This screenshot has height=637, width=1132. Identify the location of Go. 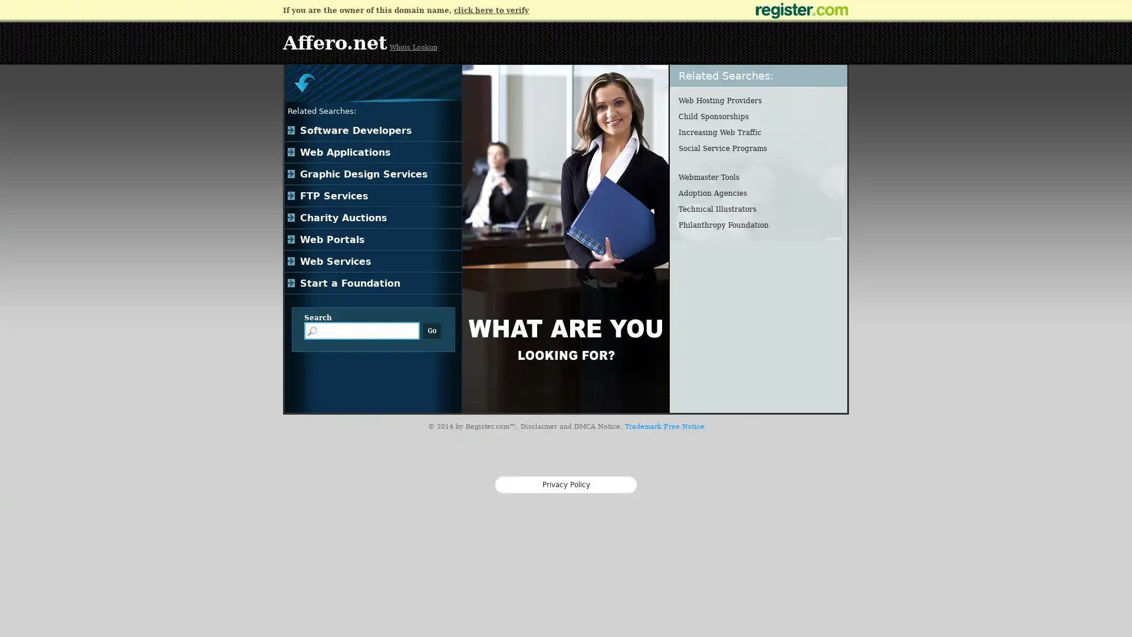
(432, 330).